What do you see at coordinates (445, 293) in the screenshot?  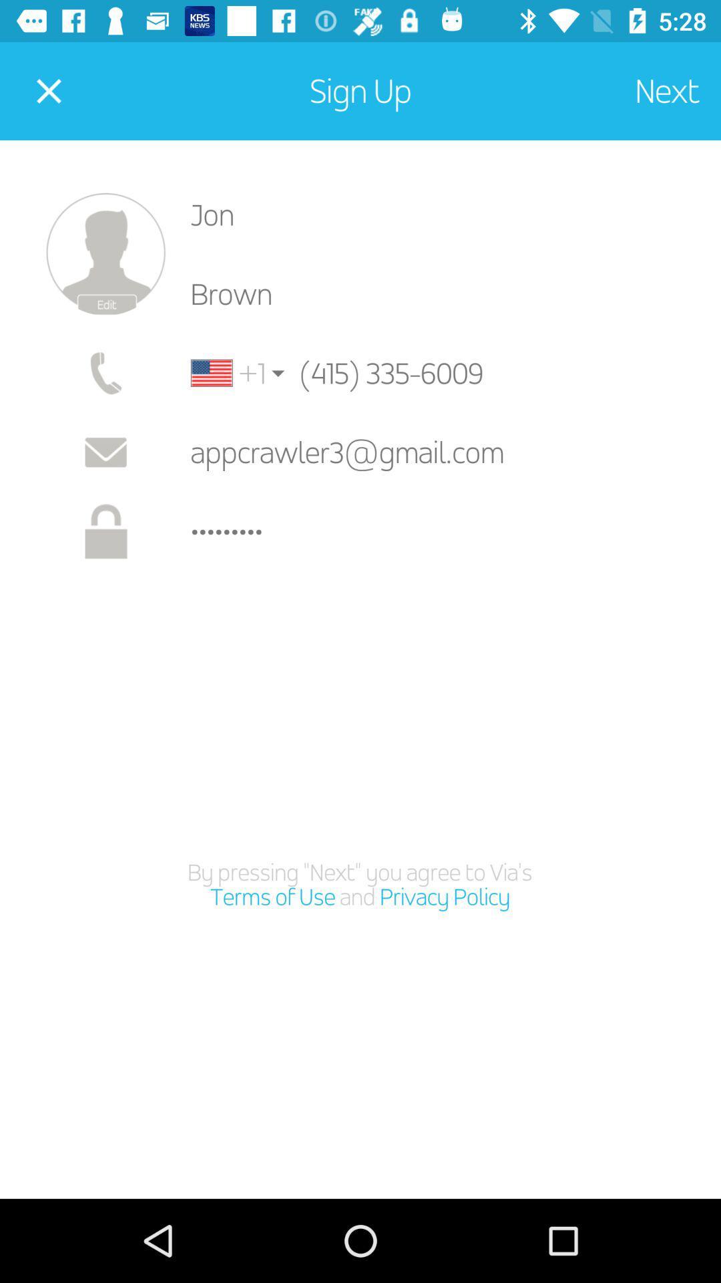 I see `brown item` at bounding box center [445, 293].